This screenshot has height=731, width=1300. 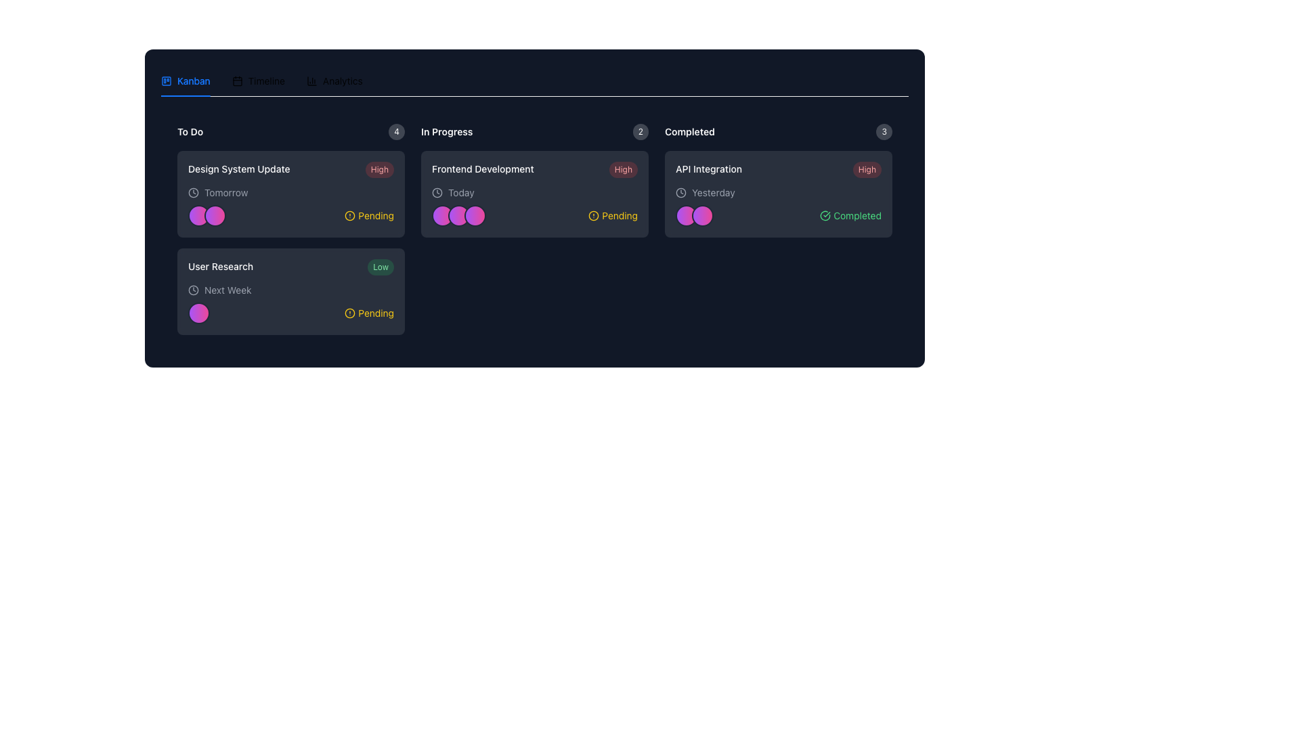 What do you see at coordinates (380, 267) in the screenshot?
I see `the priority level represented` at bounding box center [380, 267].